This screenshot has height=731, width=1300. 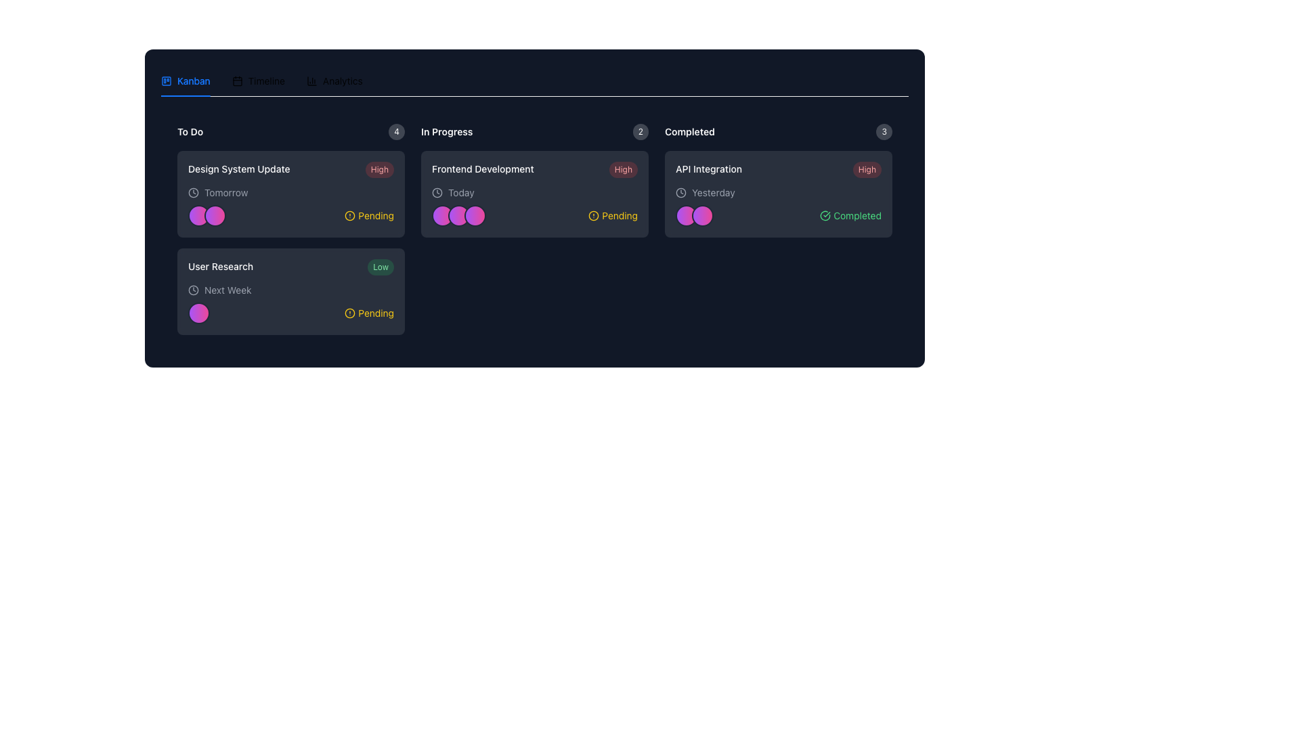 What do you see at coordinates (380, 267) in the screenshot?
I see `the priority level represented` at bounding box center [380, 267].